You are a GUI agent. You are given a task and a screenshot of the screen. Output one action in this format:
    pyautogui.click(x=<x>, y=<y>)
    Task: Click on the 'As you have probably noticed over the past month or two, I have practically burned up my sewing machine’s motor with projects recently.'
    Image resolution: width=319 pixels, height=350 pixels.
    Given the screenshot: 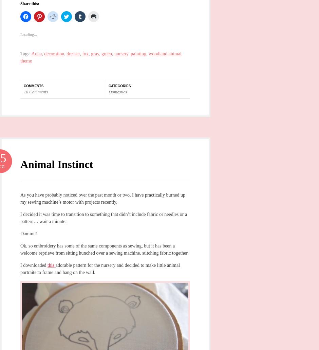 What is the action you would take?
    pyautogui.click(x=102, y=198)
    